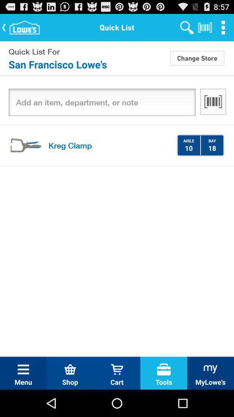 The image size is (234, 417). I want to click on the app to the right of aisle app, so click(200, 145).